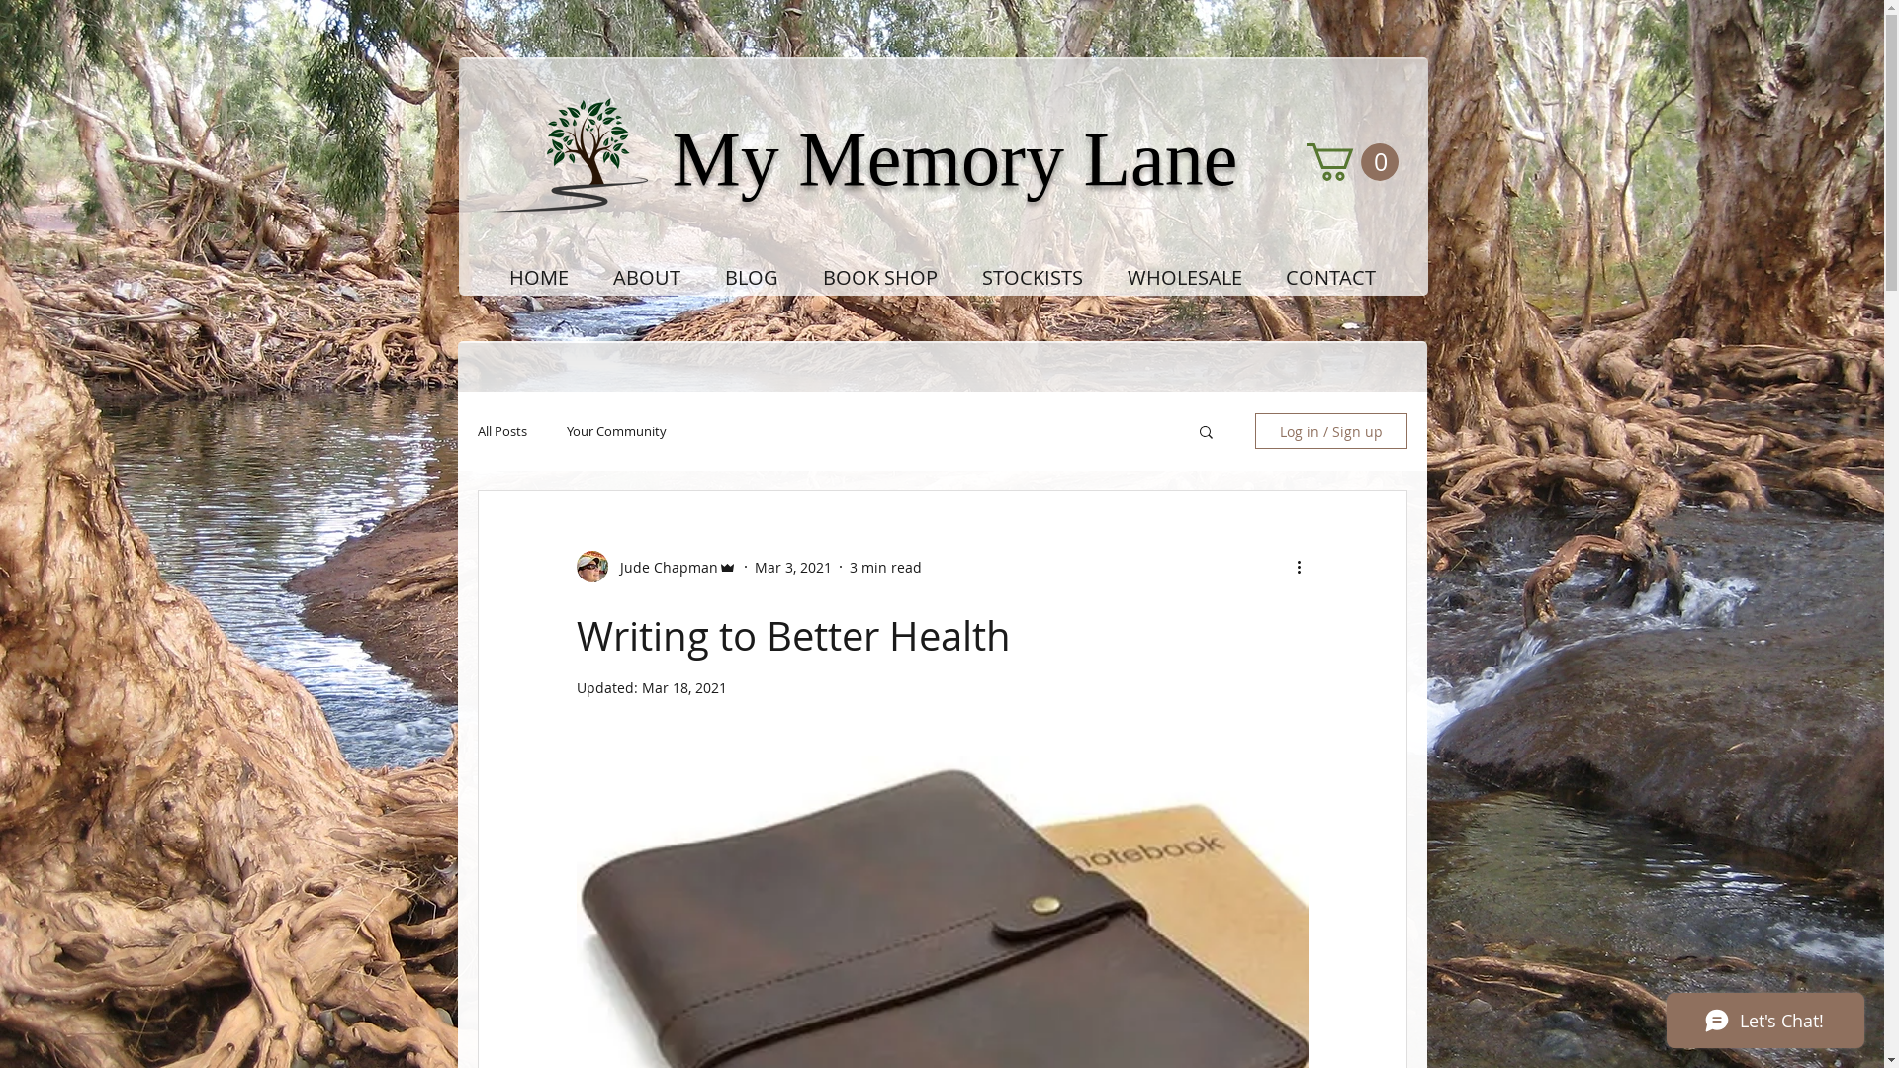  I want to click on 'All Posts', so click(501, 429).